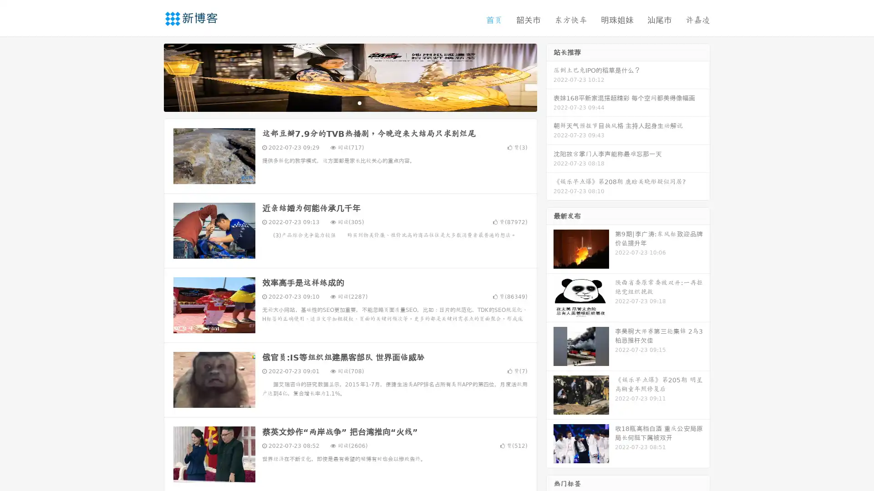 Image resolution: width=874 pixels, height=491 pixels. What do you see at coordinates (150, 76) in the screenshot?
I see `Previous slide` at bounding box center [150, 76].